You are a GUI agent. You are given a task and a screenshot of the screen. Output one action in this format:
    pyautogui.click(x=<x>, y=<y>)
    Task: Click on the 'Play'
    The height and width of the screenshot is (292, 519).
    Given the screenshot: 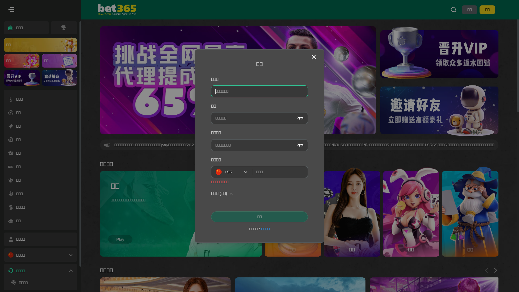 What is the action you would take?
    pyautogui.click(x=120, y=239)
    